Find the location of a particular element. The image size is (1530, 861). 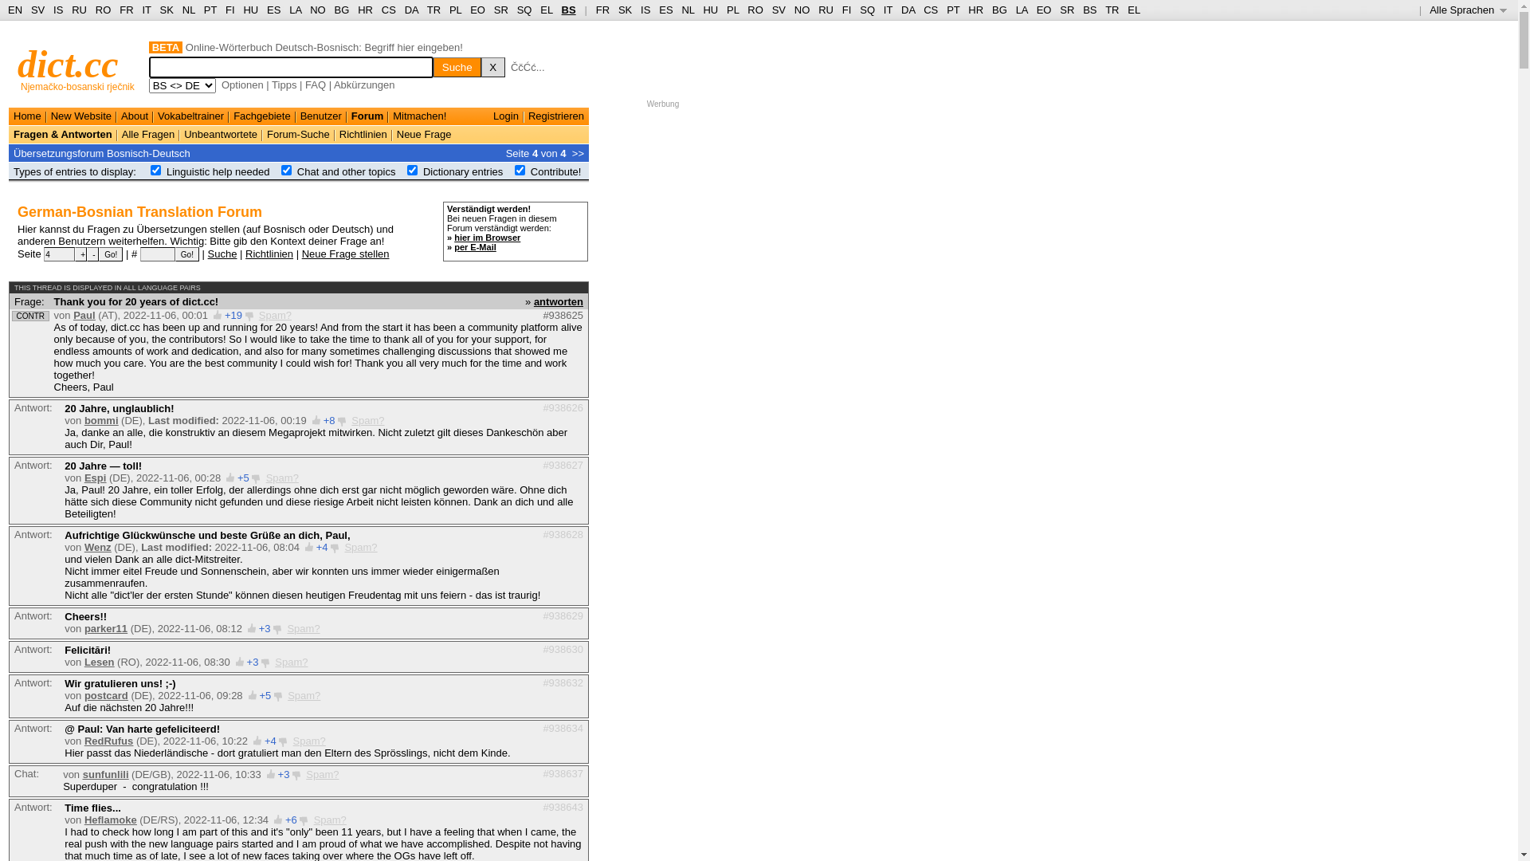

'PT' is located at coordinates (210, 10).